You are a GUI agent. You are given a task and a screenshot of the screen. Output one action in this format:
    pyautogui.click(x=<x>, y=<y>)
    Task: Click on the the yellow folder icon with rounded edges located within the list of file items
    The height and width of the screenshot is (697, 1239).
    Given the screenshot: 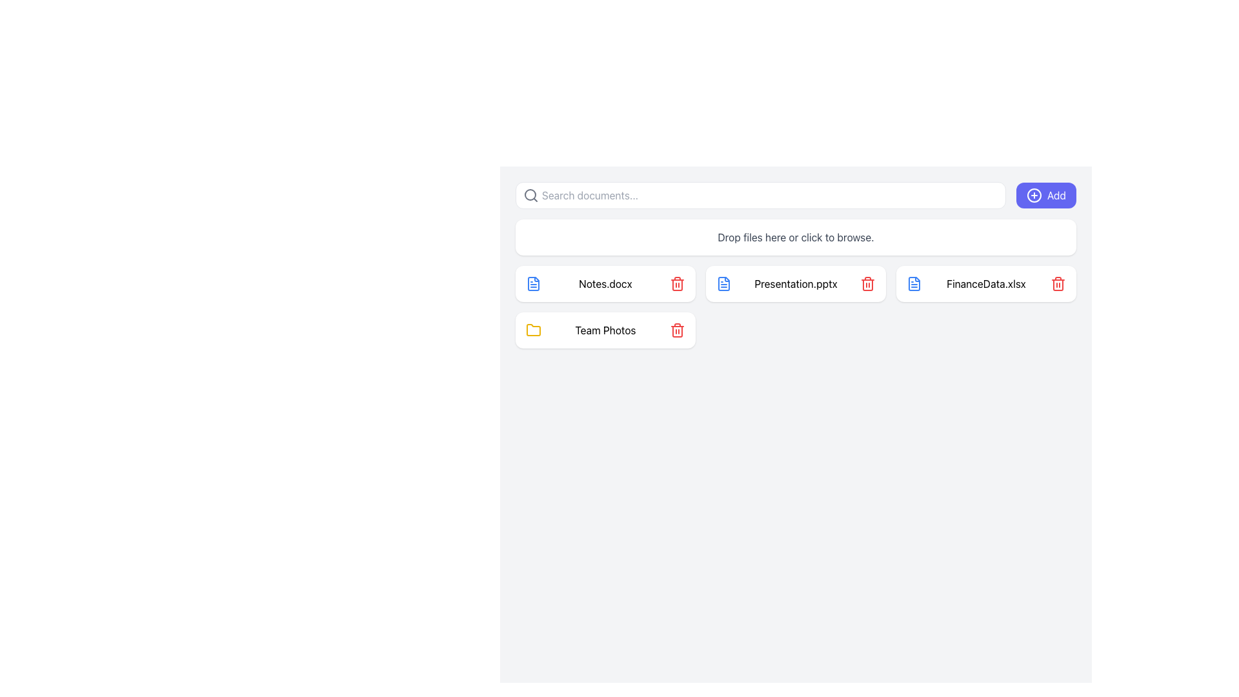 What is the action you would take?
    pyautogui.click(x=533, y=328)
    